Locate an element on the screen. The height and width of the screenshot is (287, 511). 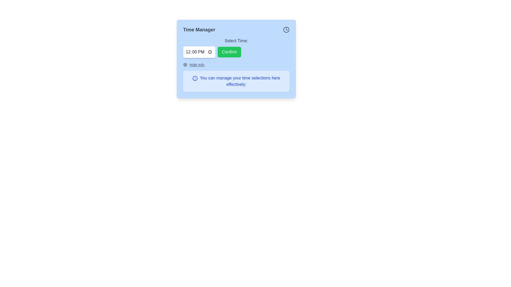
the gear-like icon located in the 'Hide Info' section is located at coordinates (185, 64).